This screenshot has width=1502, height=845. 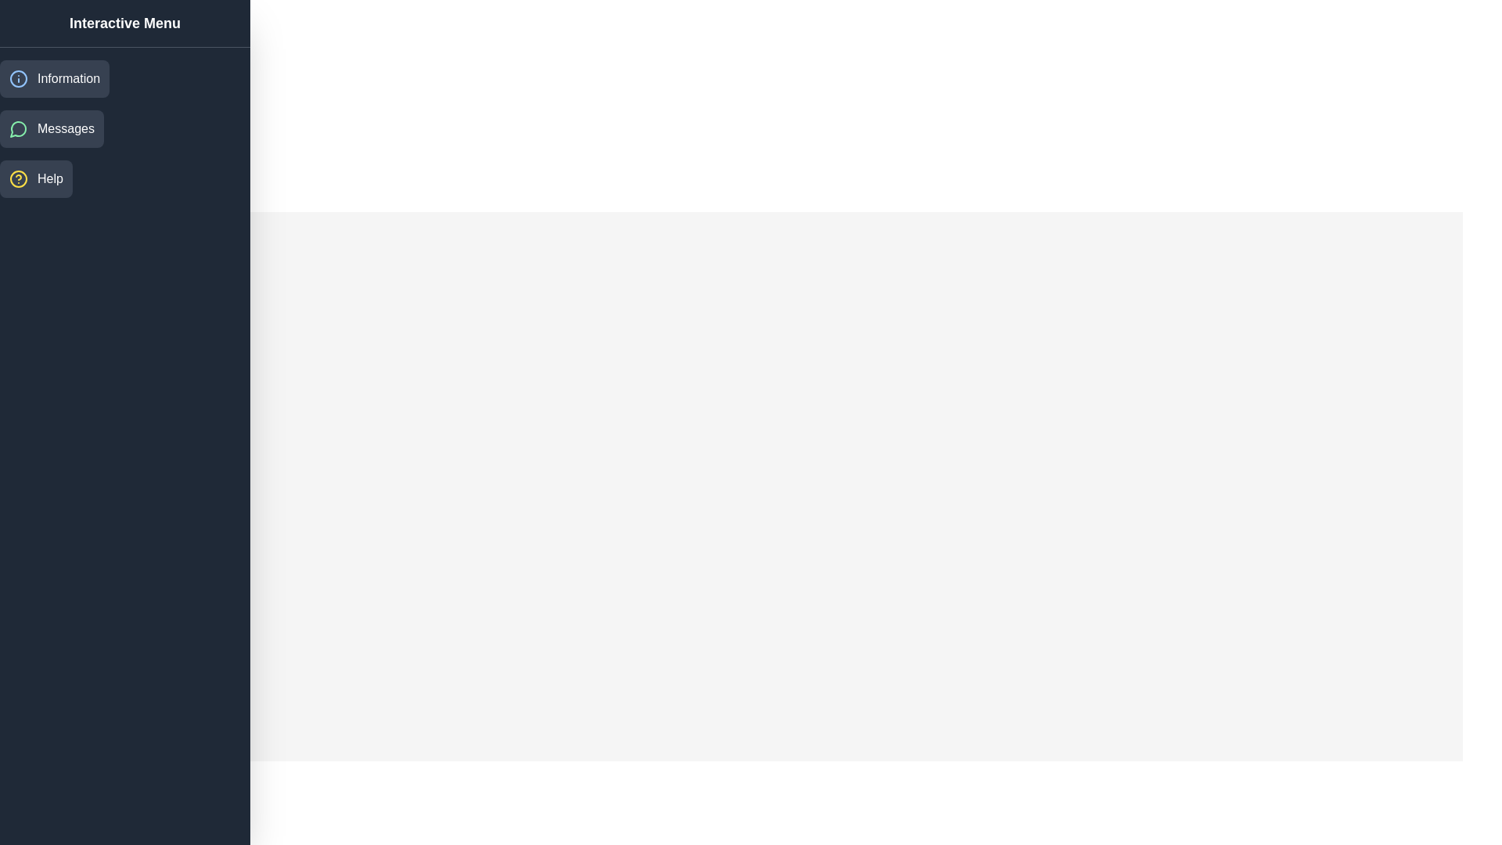 What do you see at coordinates (19, 78) in the screenshot?
I see `the blue circular icon with an 'i' shape outline located in the left navigation menu under the 'Information' menu item, positioned at the start of the text 'Information'` at bounding box center [19, 78].